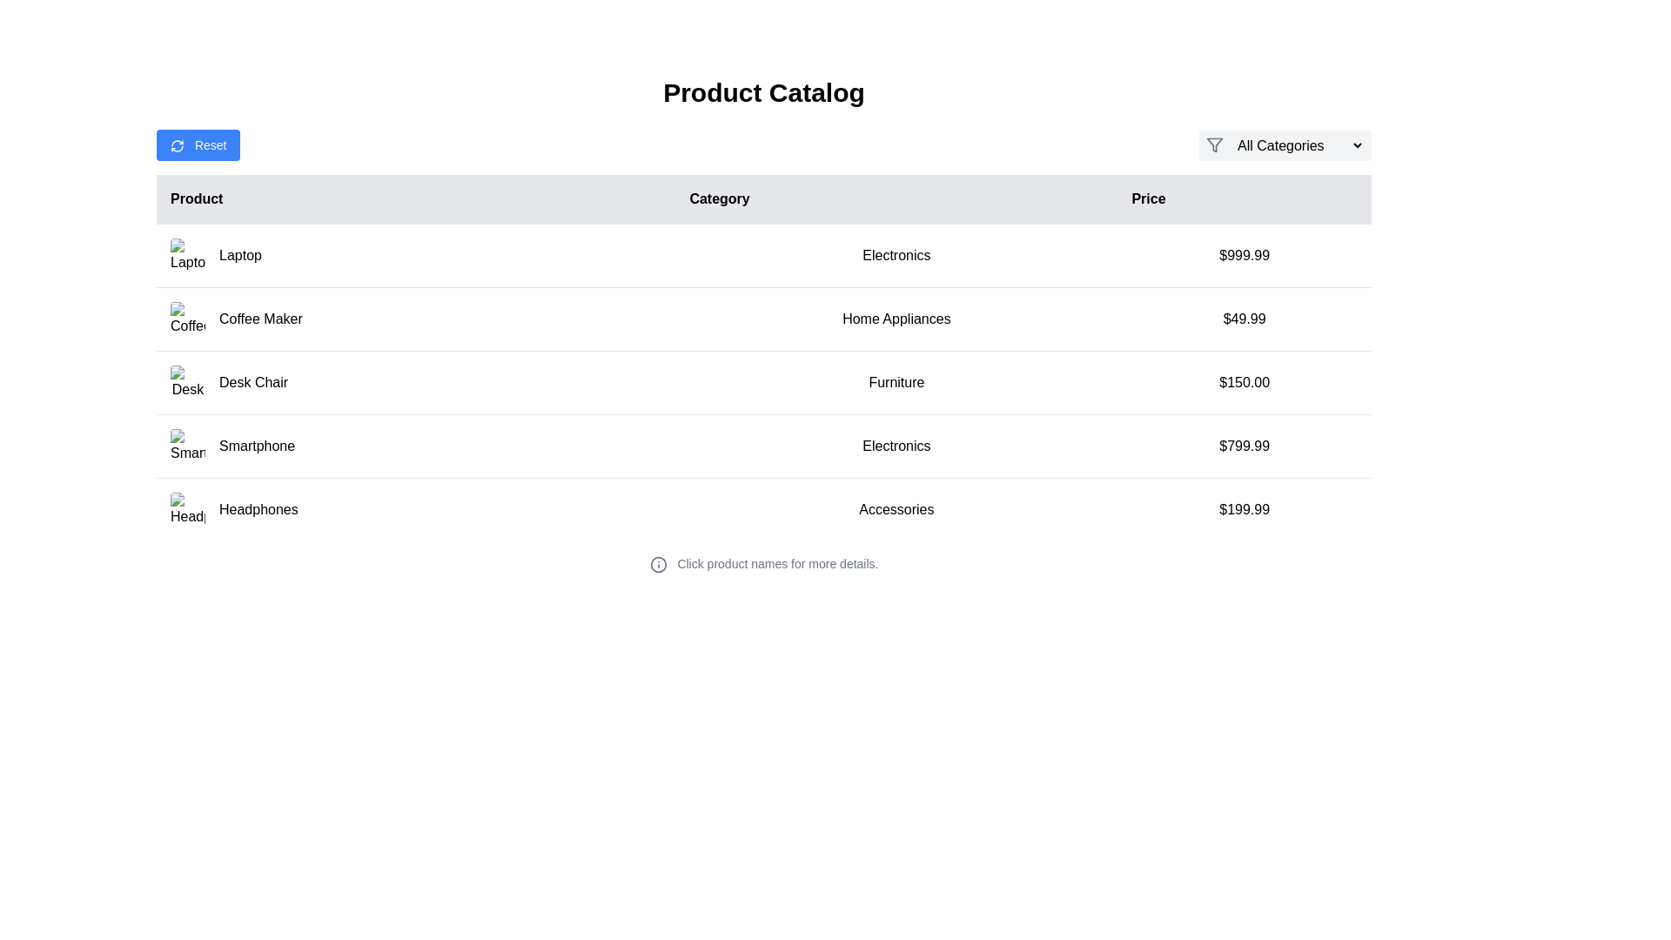  I want to click on the circular SVG element that represents an information or warning symbol, located at the center of the icon below the product listing, so click(657, 565).